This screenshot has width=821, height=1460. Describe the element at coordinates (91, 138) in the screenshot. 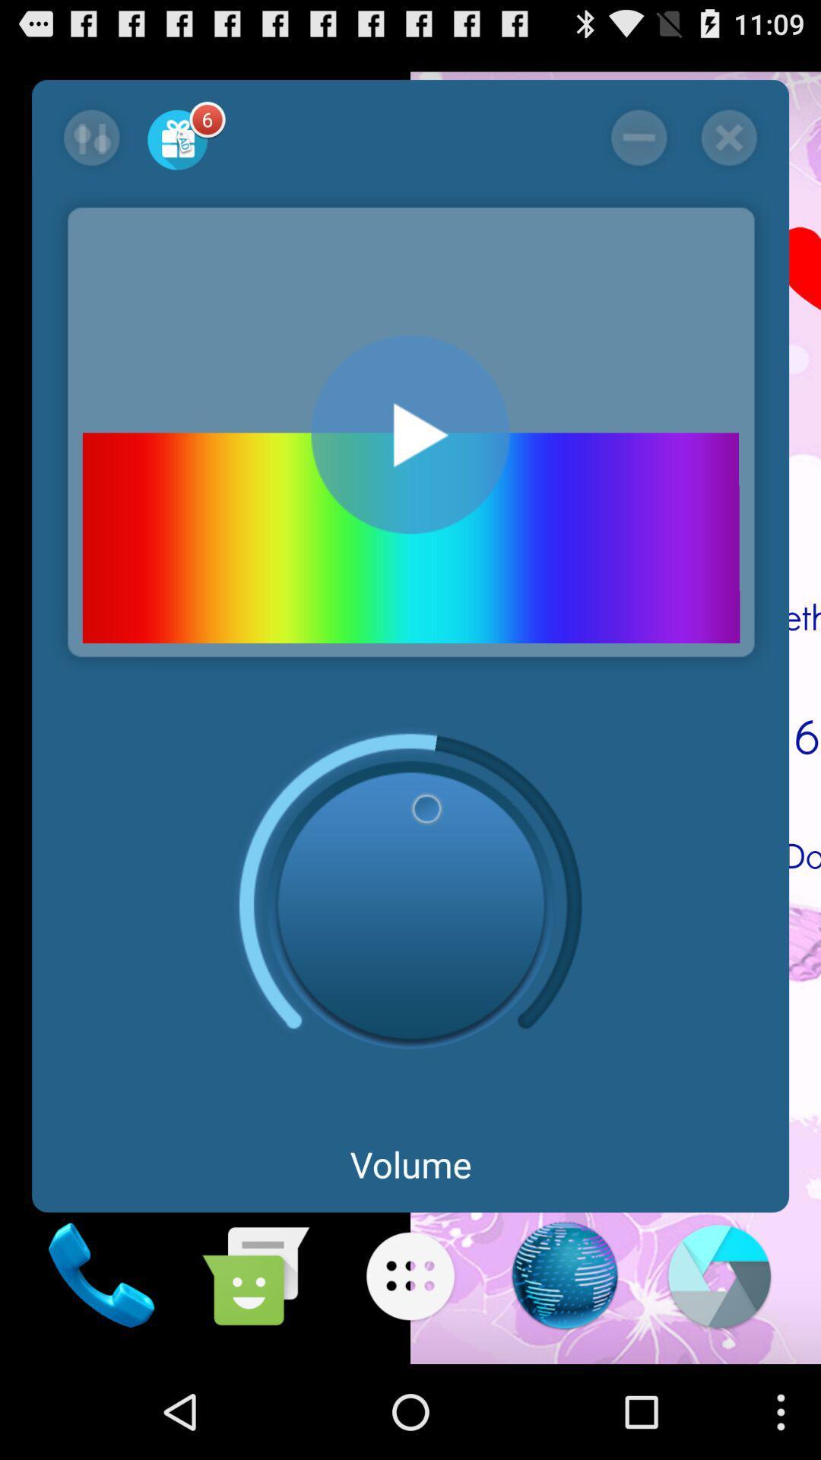

I see `swap selection` at that location.